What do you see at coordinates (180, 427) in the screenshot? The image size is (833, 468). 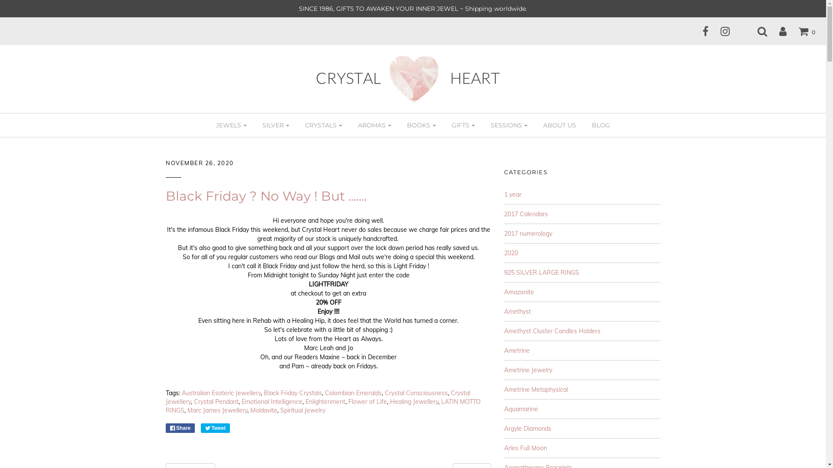 I see `'Share'` at bounding box center [180, 427].